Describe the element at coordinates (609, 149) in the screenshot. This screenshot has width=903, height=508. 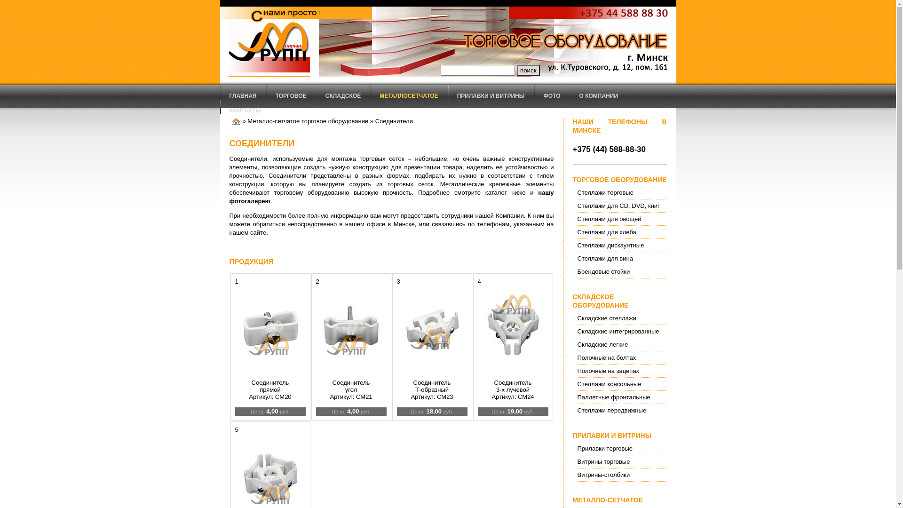
I see `'+375 (44) 588-88-30'` at that location.